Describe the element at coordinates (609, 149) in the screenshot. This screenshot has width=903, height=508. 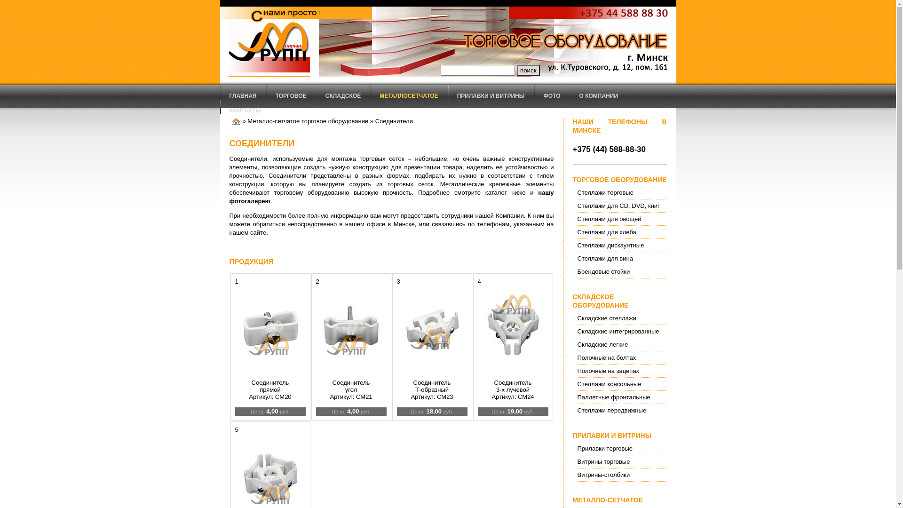
I see `'+375 (44) 588-88-30'` at that location.